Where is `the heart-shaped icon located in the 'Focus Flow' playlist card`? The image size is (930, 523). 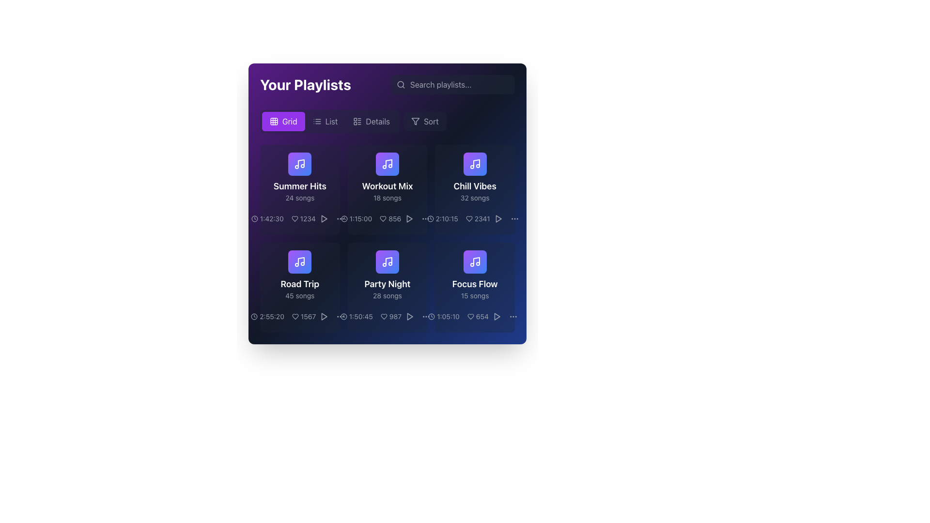
the heart-shaped icon located in the 'Focus Flow' playlist card is located at coordinates (470, 317).